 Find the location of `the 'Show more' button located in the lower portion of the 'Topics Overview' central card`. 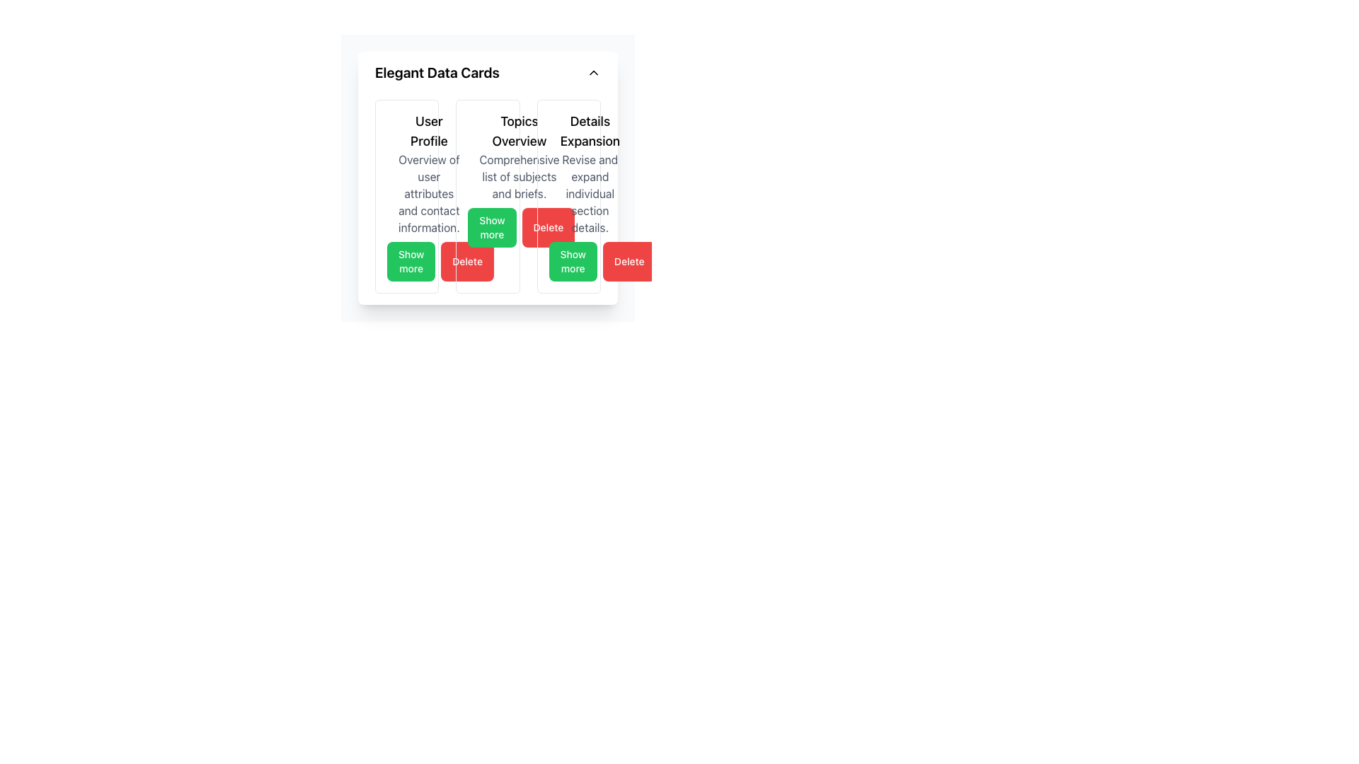

the 'Show more' button located in the lower portion of the 'Topics Overview' central card is located at coordinates (573, 262).